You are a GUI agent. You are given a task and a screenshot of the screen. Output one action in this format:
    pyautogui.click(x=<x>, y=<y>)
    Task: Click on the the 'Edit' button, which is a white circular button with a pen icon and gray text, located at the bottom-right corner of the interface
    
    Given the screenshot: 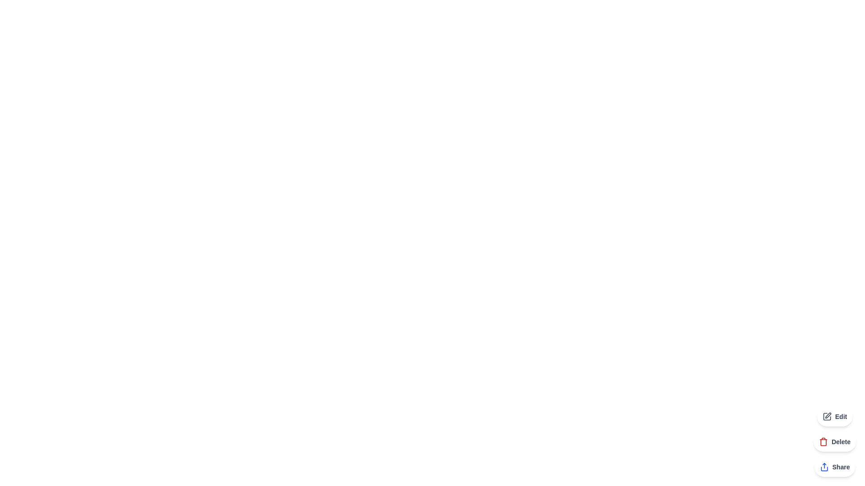 What is the action you would take?
    pyautogui.click(x=834, y=416)
    